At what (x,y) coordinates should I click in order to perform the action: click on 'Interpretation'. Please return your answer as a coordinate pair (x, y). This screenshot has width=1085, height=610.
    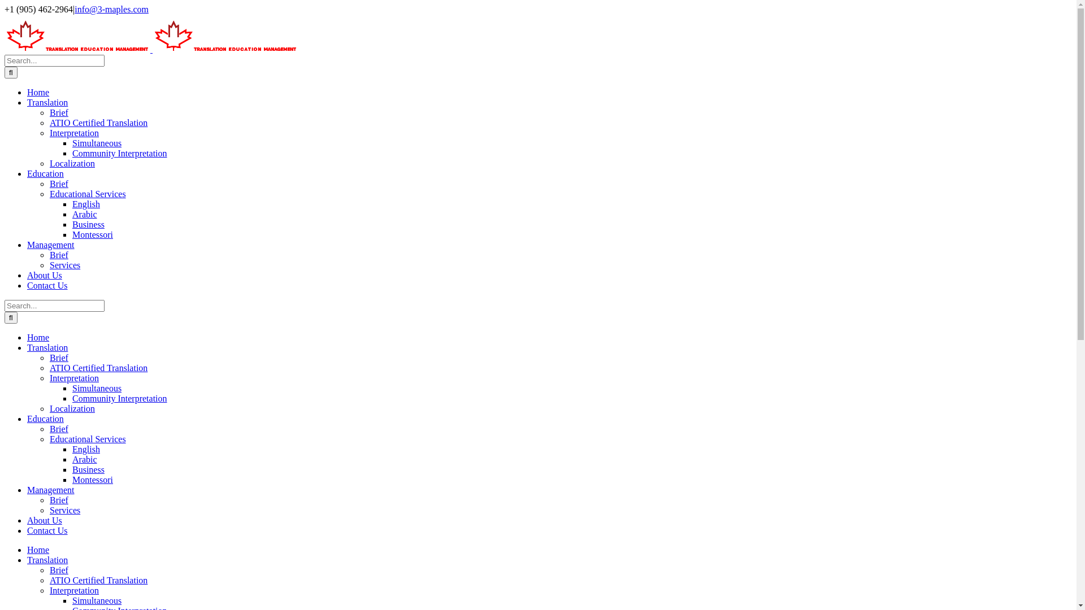
    Looking at the image, I should click on (73, 378).